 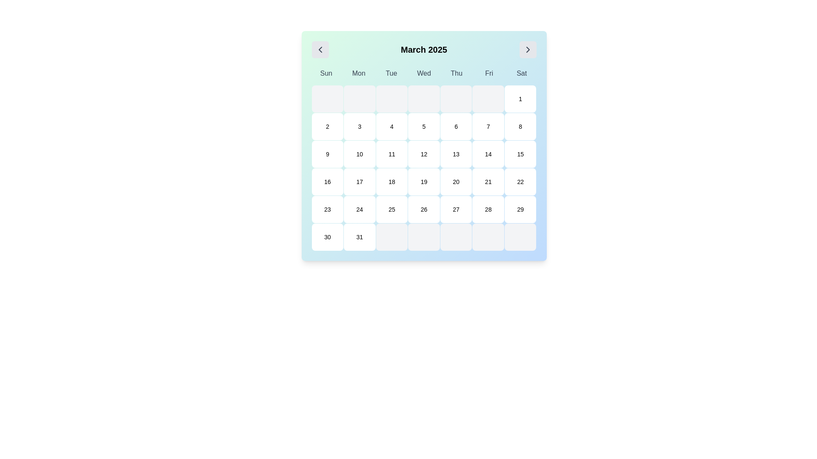 I want to click on on the Button-like calendar tile representing the 14th day of the month, so click(x=488, y=154).